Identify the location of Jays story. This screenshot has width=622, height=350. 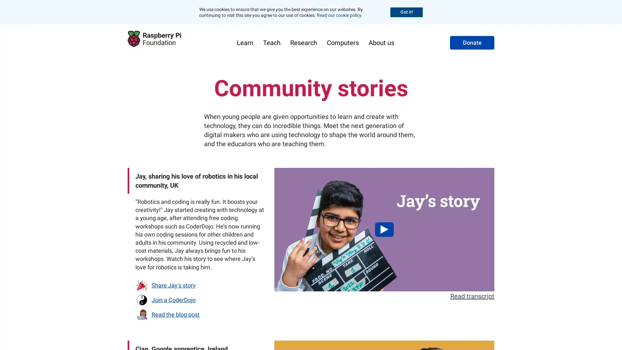
(384, 229).